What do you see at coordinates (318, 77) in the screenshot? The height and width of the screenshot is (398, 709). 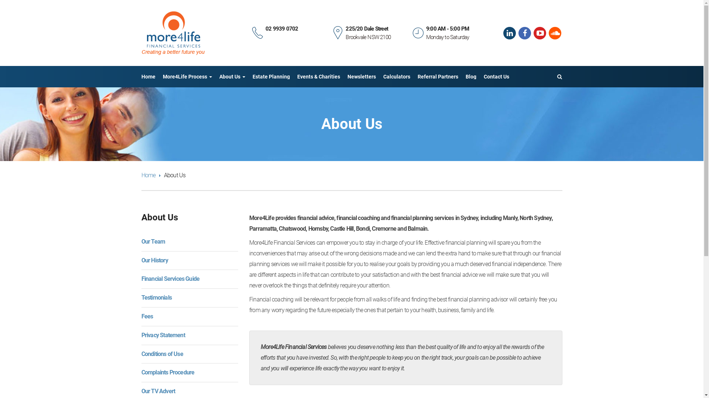 I see `'Events & Charities'` at bounding box center [318, 77].